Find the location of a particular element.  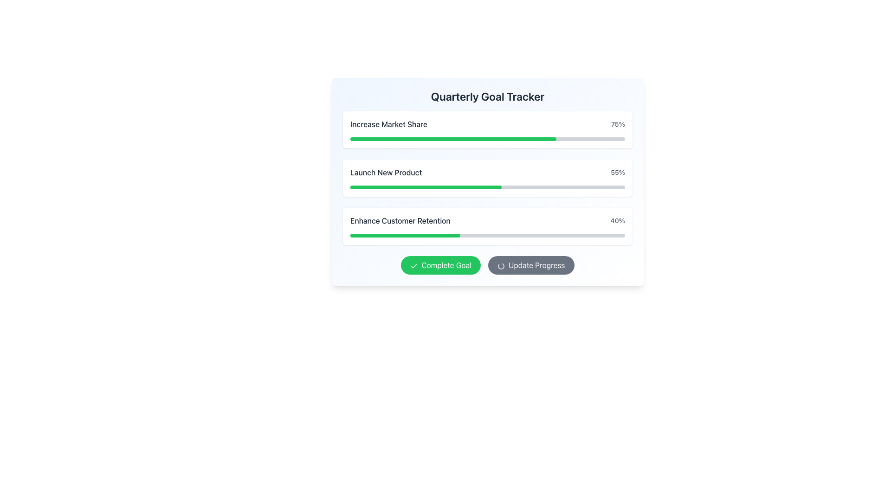

the 'Increase Market Share' text label in the 'Quarterly Goal Tracker' interface, which is located in the top row of the list with a completion percentage of '75%' next to it is located at coordinates (388, 123).